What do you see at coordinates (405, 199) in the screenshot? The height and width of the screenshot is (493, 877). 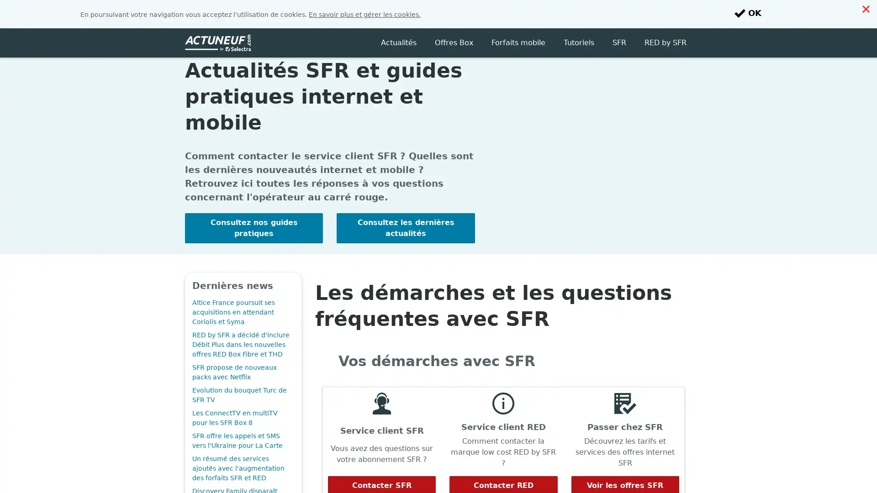 I see `Consultez les dernieres actualites` at bounding box center [405, 199].